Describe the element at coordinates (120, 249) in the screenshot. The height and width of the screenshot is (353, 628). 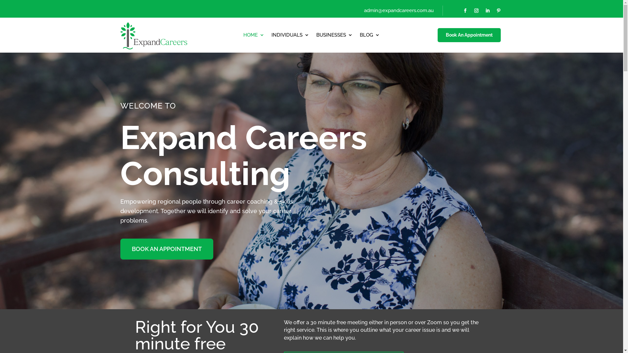
I see `'BOOK AN APPOINTMENT'` at that location.